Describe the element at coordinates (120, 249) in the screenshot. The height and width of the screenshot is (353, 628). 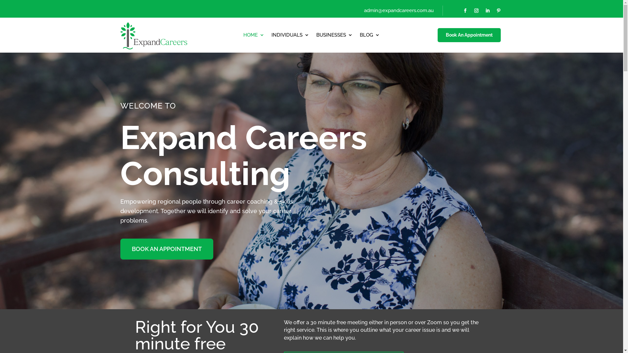
I see `'BOOK AN APPOINTMENT'` at that location.